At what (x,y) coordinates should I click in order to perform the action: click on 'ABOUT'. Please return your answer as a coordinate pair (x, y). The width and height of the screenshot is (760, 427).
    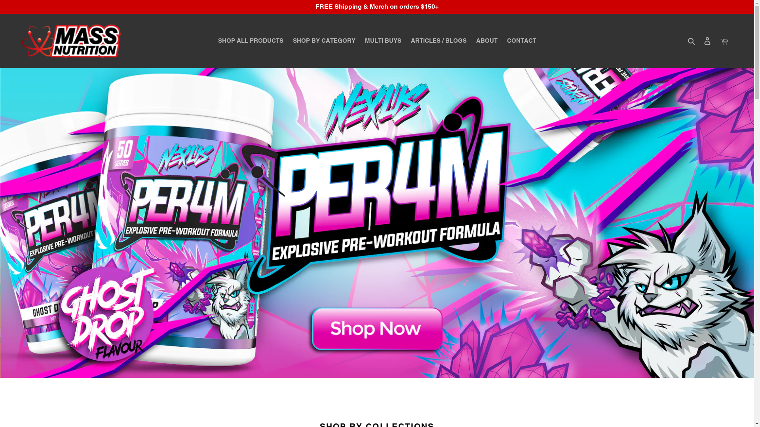
    Looking at the image, I should click on (486, 41).